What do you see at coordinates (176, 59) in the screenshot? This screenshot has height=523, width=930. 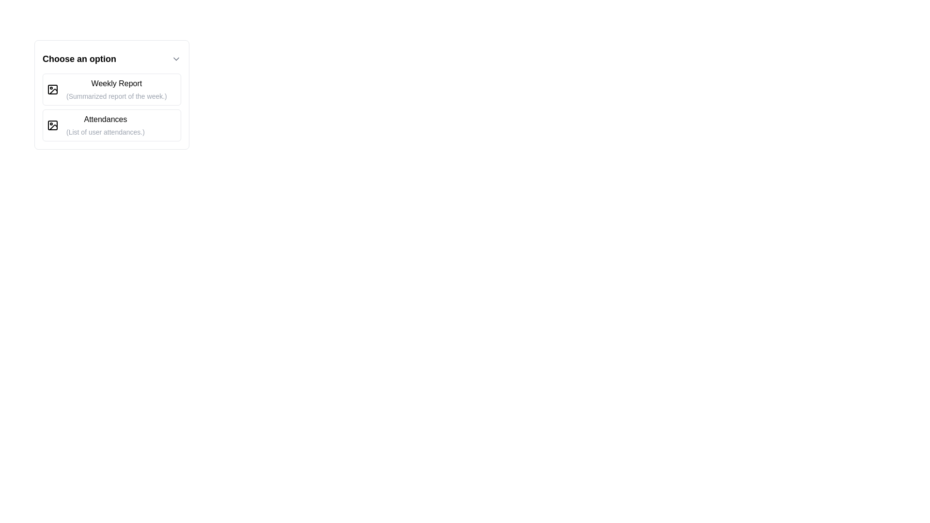 I see `the small downward-facing chevron icon located on the right side of the header labeled 'Choose an option'` at bounding box center [176, 59].